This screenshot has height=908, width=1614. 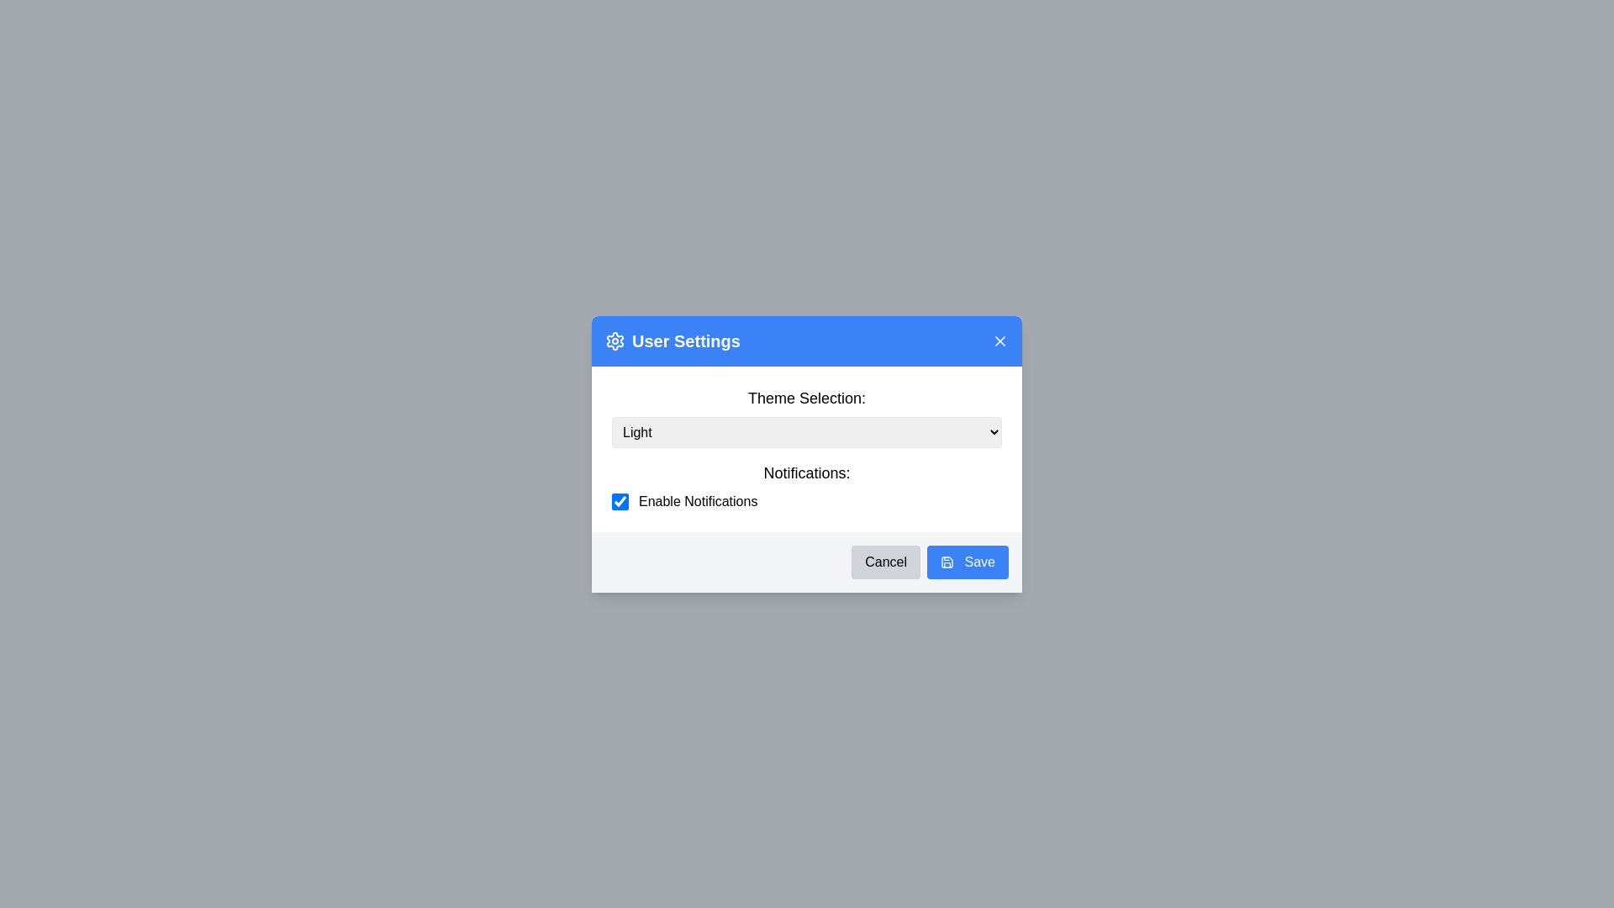 I want to click on the label of the Toggle Section for tooltip information about enabling notifications, so click(x=807, y=486).